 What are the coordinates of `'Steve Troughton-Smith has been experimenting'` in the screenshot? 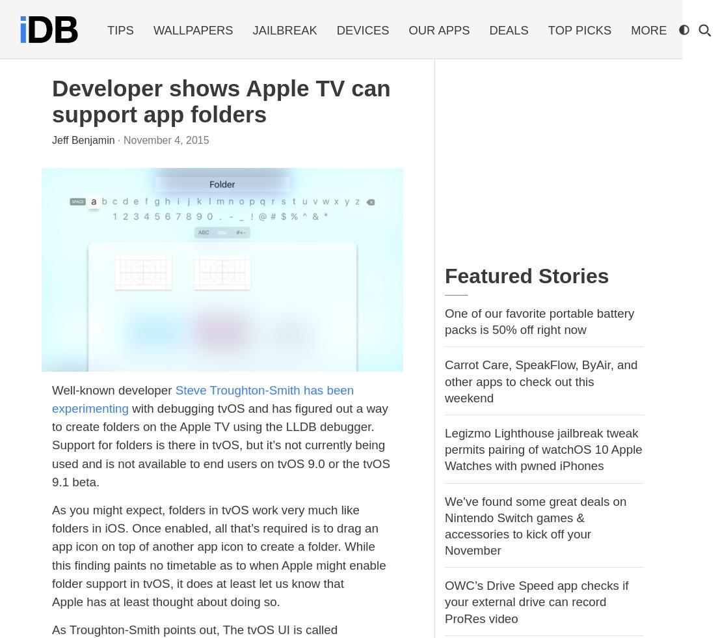 It's located at (202, 398).